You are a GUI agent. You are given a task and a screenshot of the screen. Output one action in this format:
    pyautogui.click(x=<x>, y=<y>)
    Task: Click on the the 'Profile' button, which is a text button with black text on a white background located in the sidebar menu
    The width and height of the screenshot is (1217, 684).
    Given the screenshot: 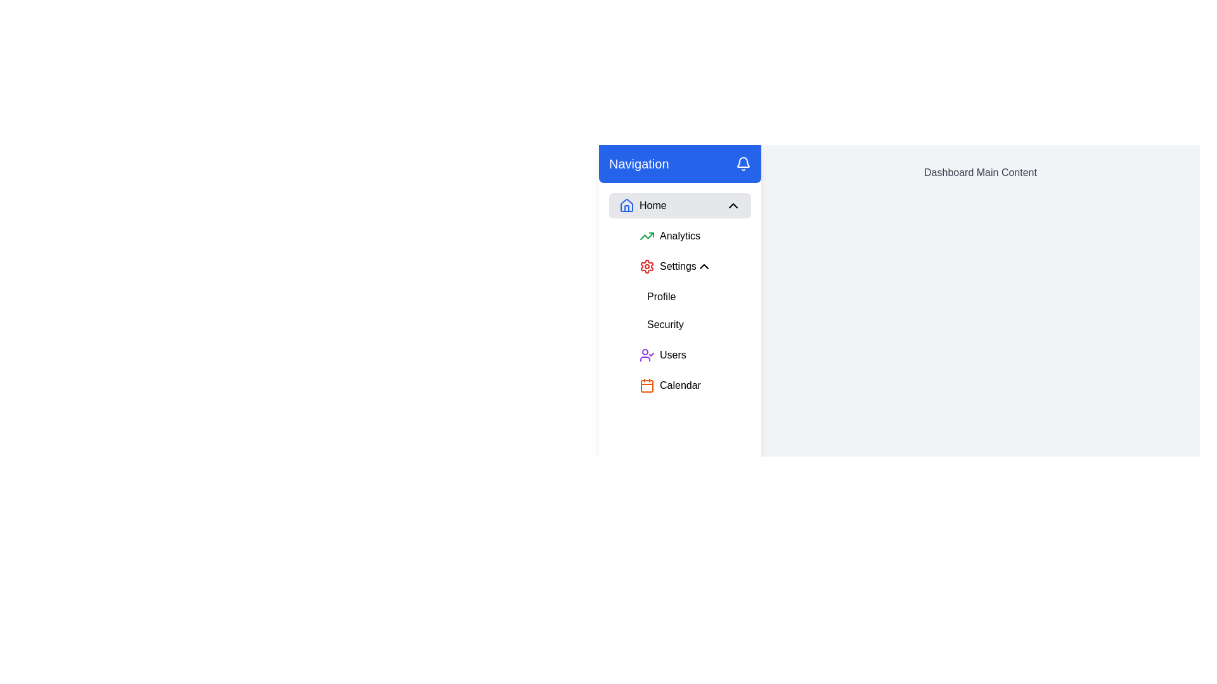 What is the action you would take?
    pyautogui.click(x=660, y=297)
    